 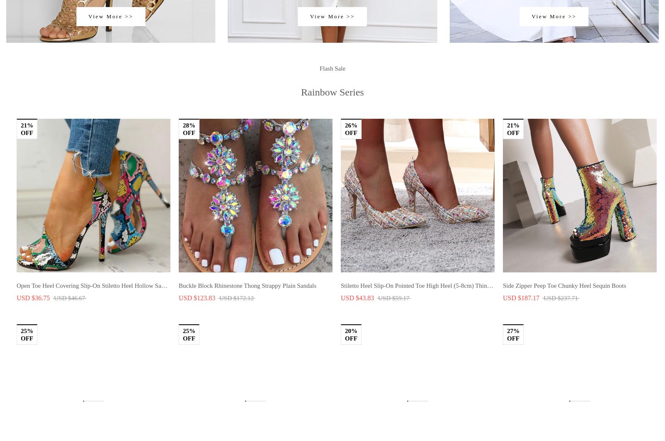 I want to click on '26%', so click(x=345, y=153).